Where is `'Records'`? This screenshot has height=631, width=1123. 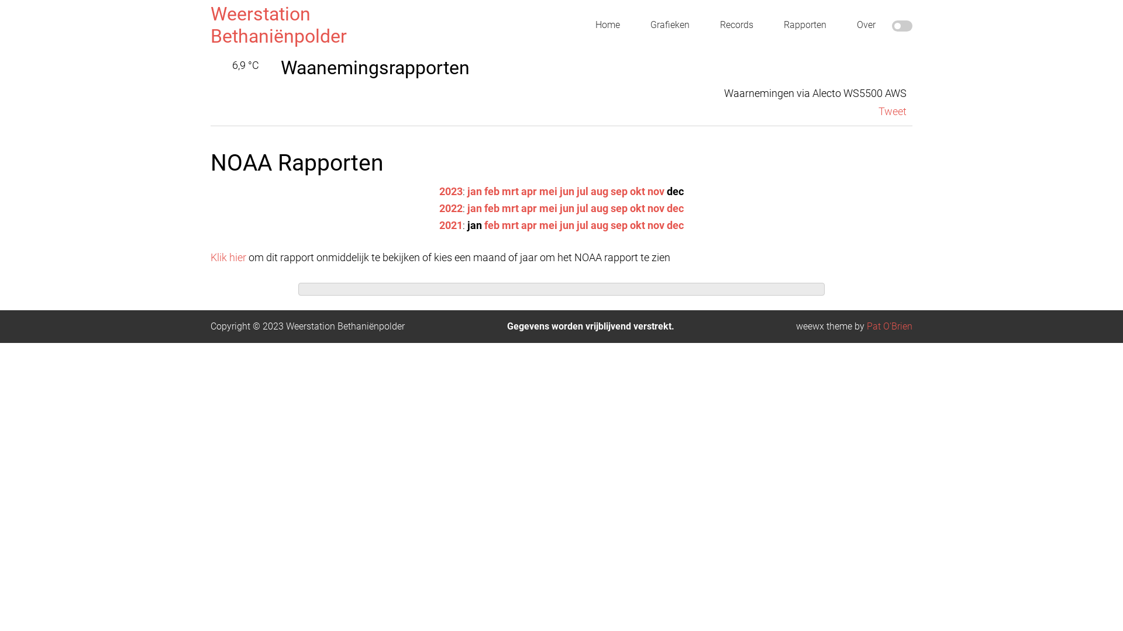 'Records' is located at coordinates (736, 25).